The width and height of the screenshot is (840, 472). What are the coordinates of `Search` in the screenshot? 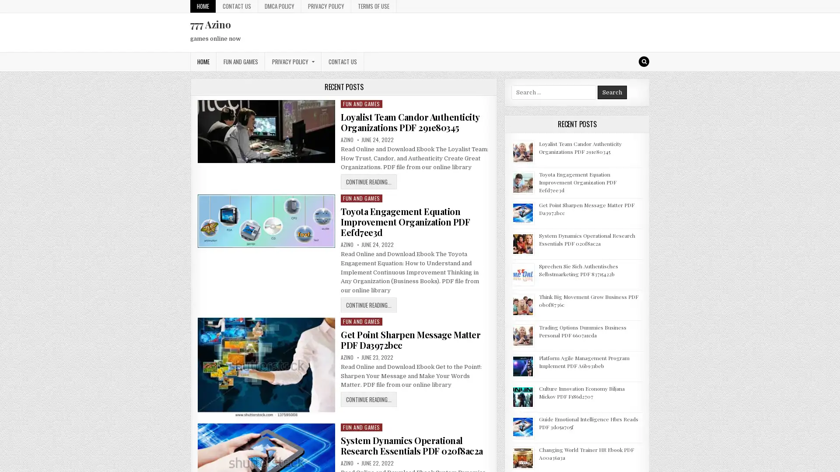 It's located at (612, 92).